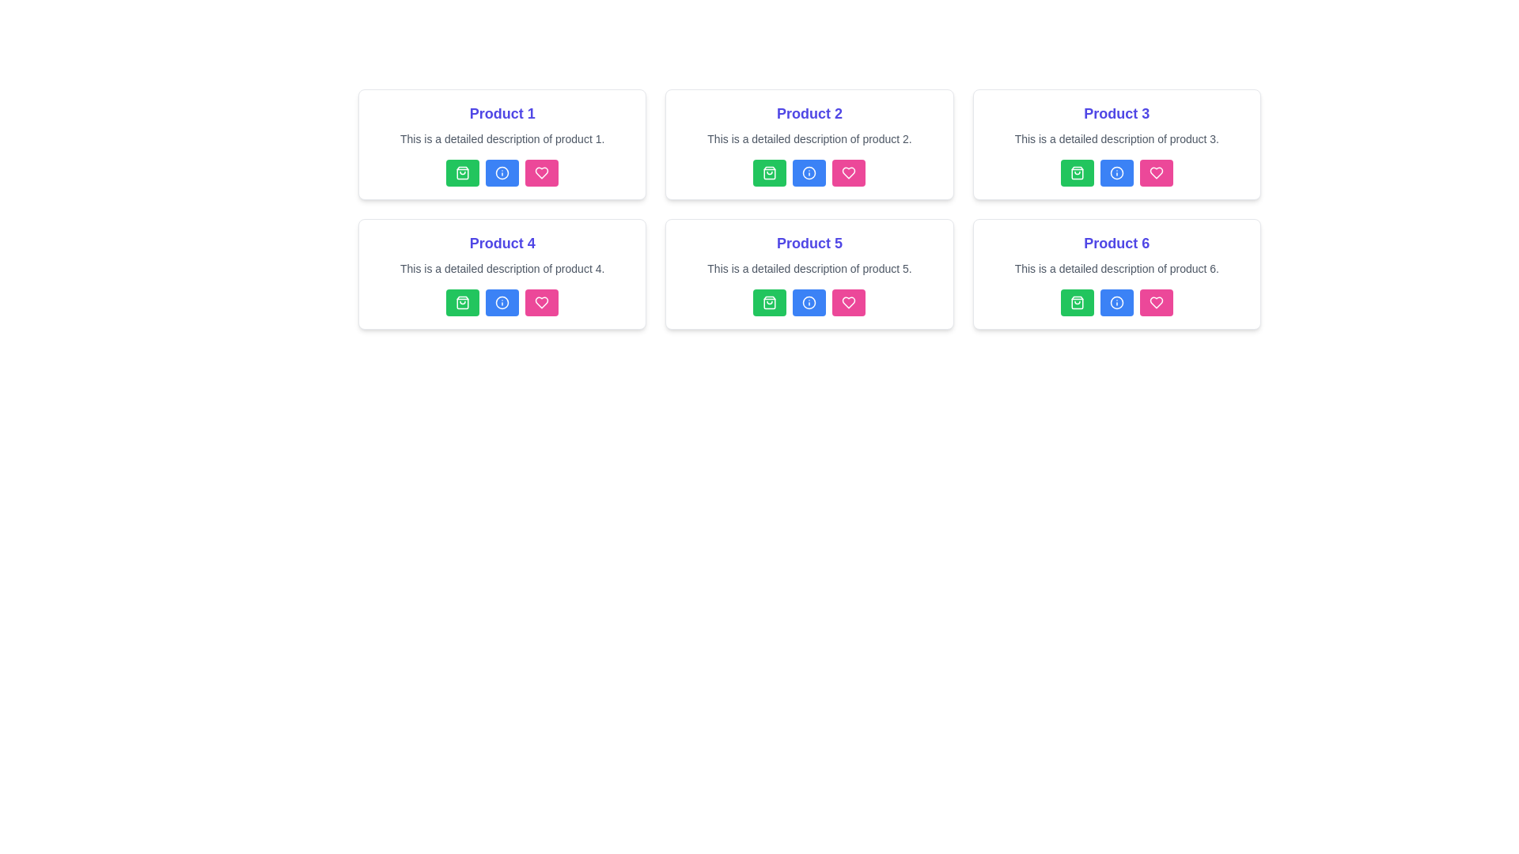 This screenshot has height=854, width=1519. I want to click on the blue button for more information on the product card located in the second row, second column of the grid layout, so click(809, 274).